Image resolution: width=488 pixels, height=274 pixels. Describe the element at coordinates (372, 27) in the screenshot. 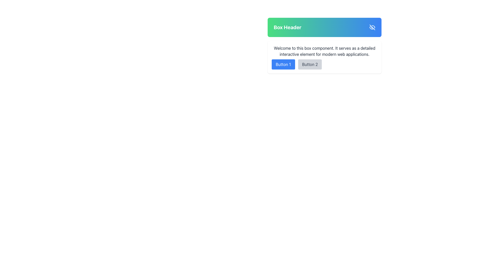

I see `the 'visibility off' icon button, which is an eye with a slashing line located in the top-right corner of the 'Box Header' gradient-colored header` at that location.